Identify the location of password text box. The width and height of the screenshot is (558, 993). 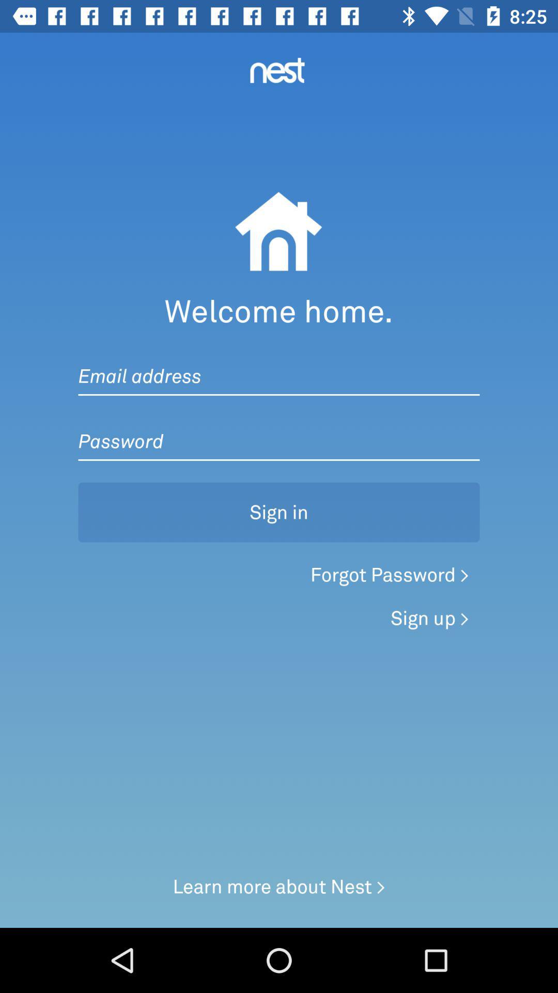
(279, 431).